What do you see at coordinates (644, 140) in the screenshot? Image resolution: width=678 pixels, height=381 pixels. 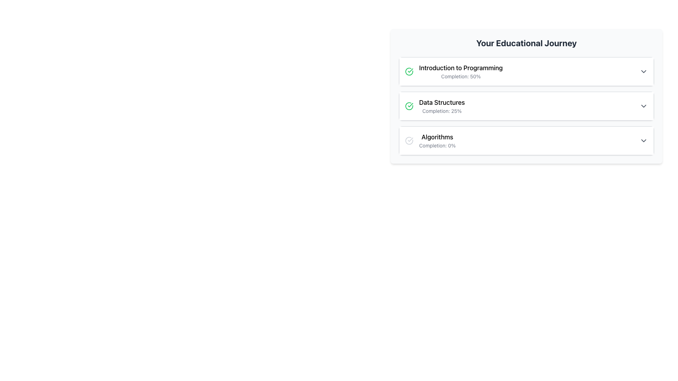 I see `the icon located at the far right of the 'Algorithms' section card` at bounding box center [644, 140].